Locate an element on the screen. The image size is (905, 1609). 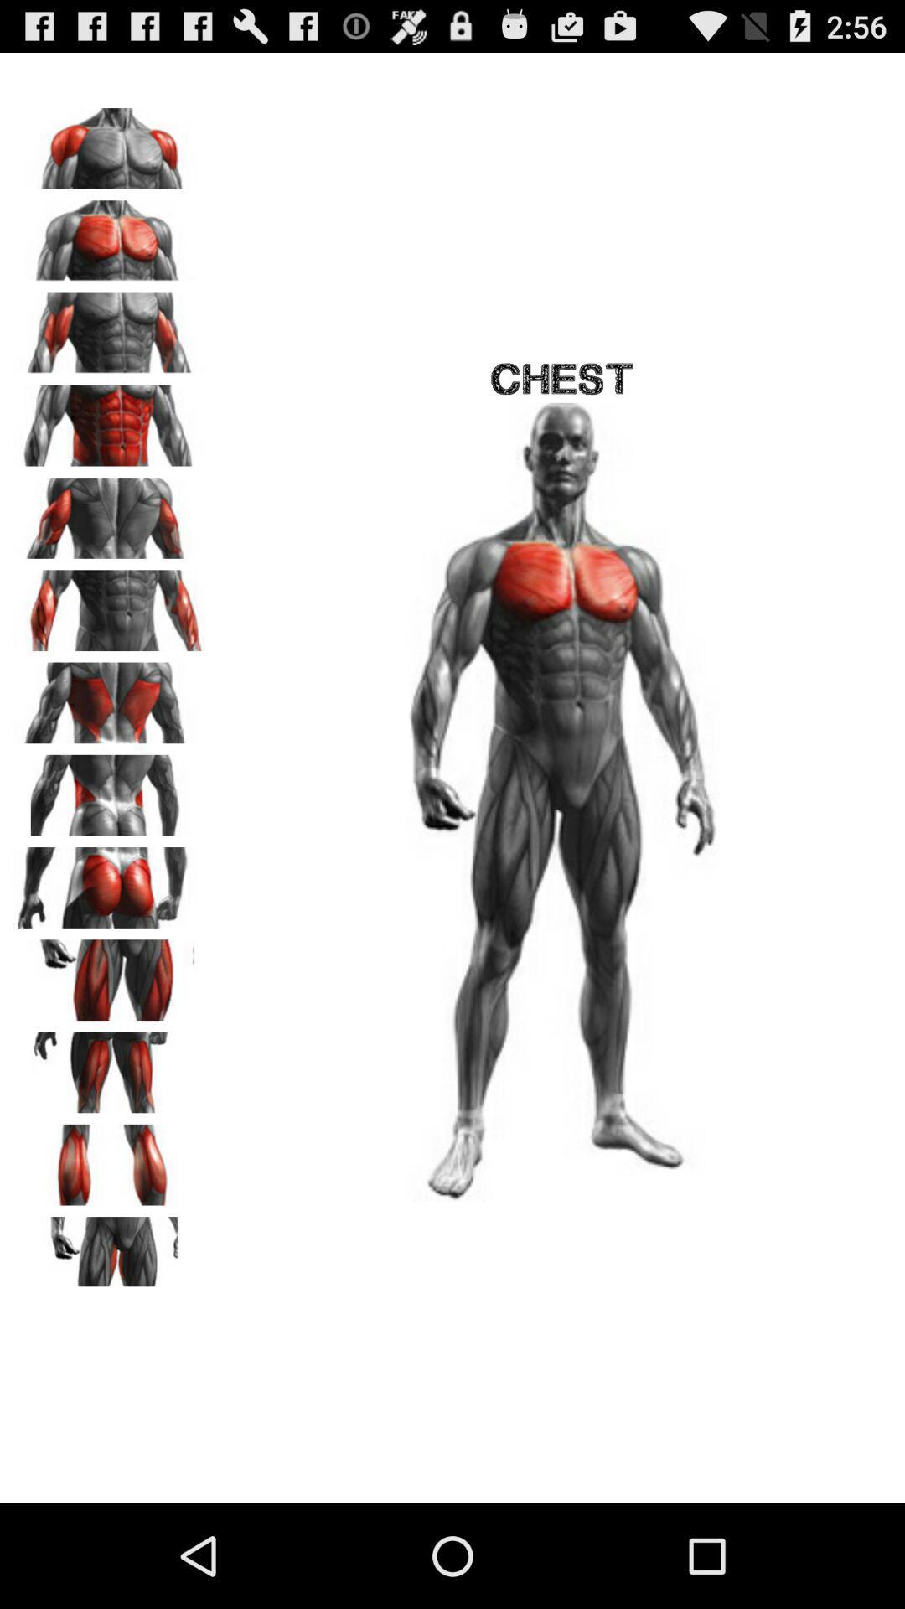
display muscles being used on lower arms and abdomen is located at coordinates (110, 603).